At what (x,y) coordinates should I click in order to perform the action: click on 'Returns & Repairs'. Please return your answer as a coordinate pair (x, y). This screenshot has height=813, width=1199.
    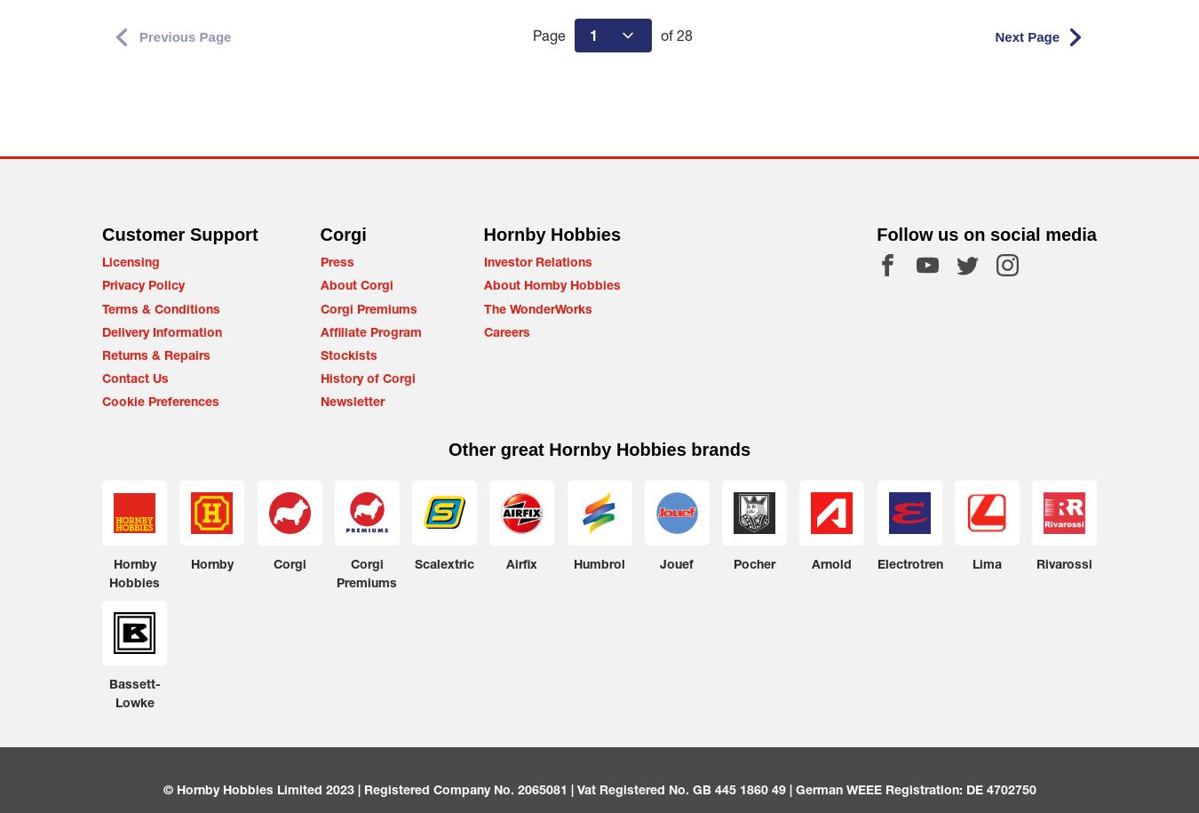
    Looking at the image, I should click on (102, 353).